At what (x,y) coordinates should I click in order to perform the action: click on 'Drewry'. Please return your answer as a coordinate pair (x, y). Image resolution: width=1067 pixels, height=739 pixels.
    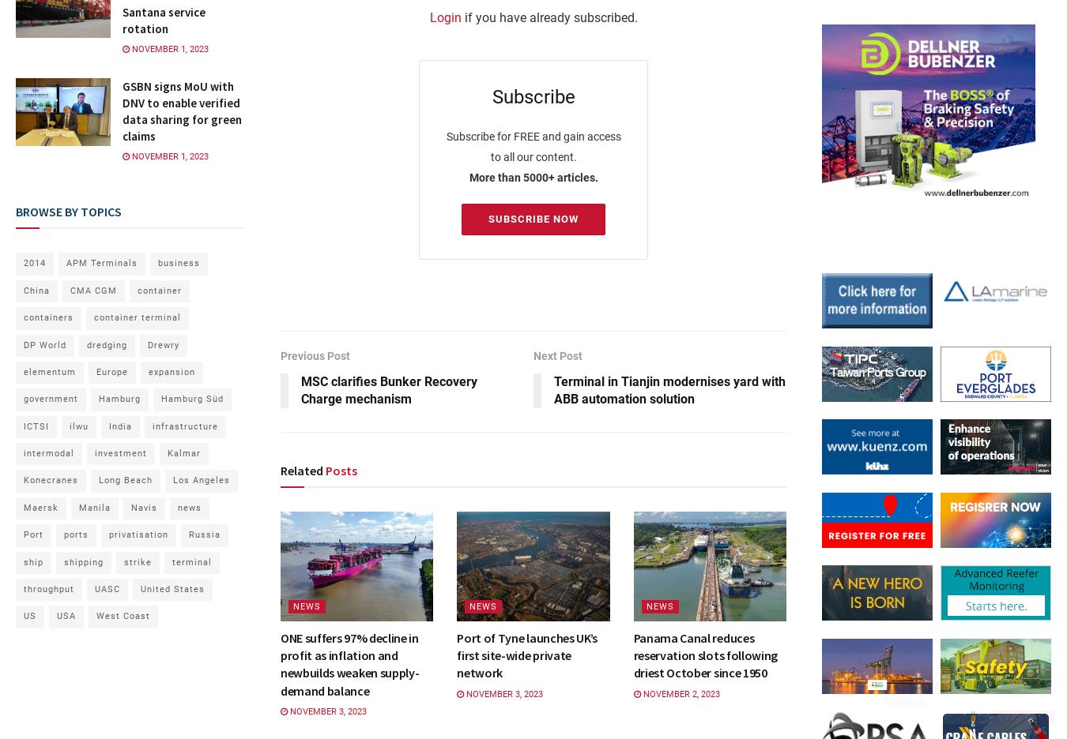
    Looking at the image, I should click on (163, 344).